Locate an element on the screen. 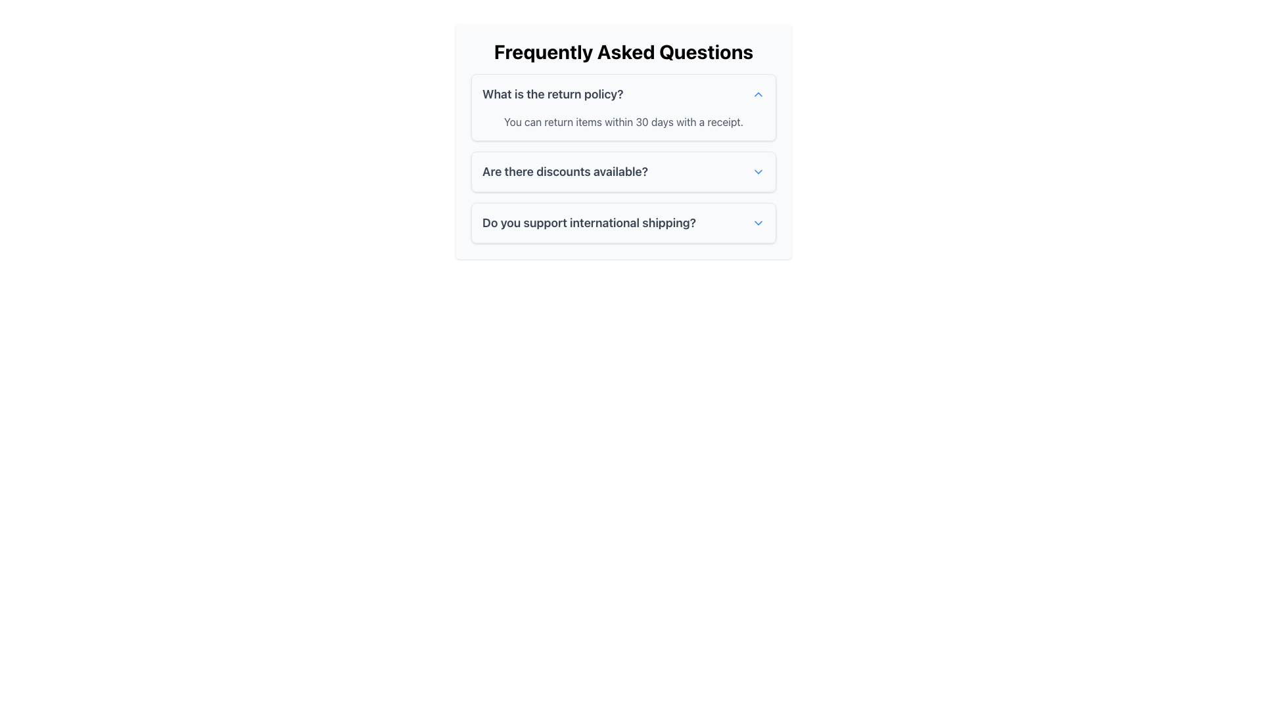 The image size is (1262, 709). the chevron icon of the third Collapsible FAQ item in the Frequently Asked Questions section is located at coordinates (623, 222).